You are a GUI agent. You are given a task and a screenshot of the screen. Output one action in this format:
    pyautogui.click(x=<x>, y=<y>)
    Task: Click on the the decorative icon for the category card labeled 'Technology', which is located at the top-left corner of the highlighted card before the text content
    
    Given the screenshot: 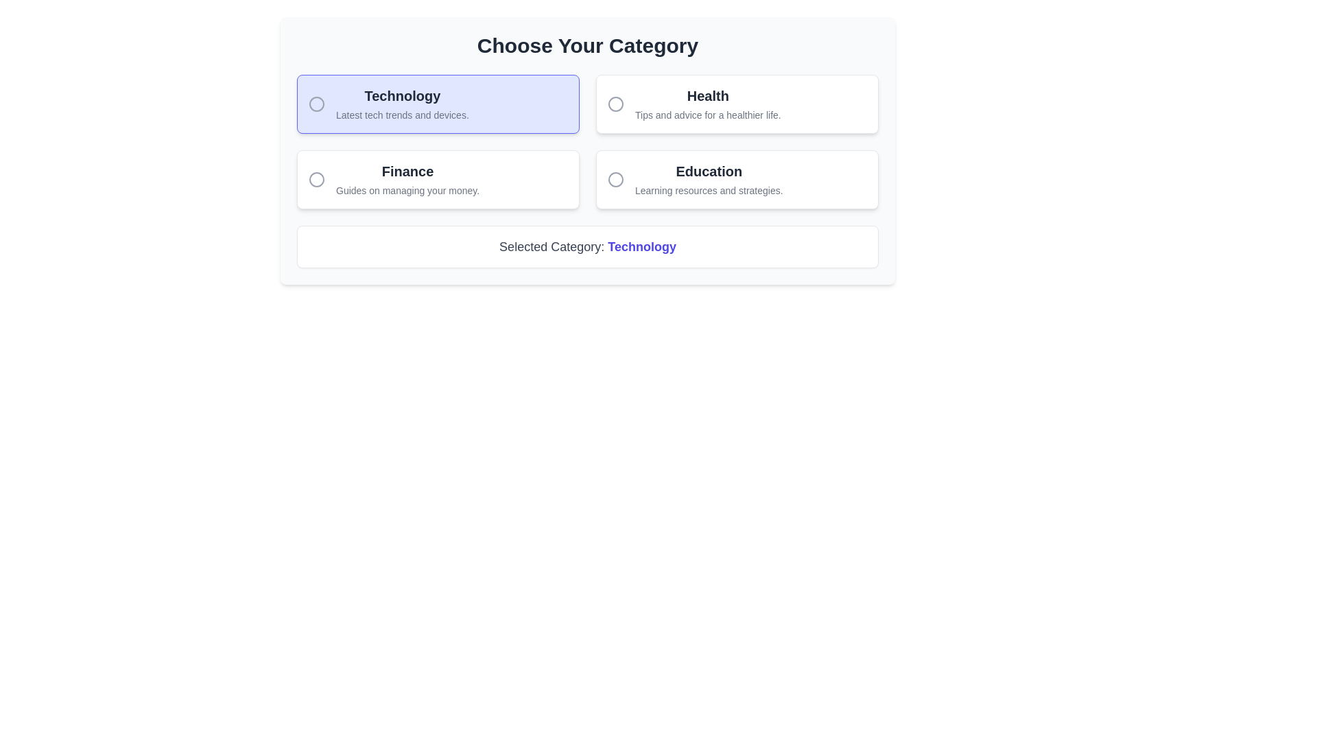 What is the action you would take?
    pyautogui.click(x=316, y=103)
    